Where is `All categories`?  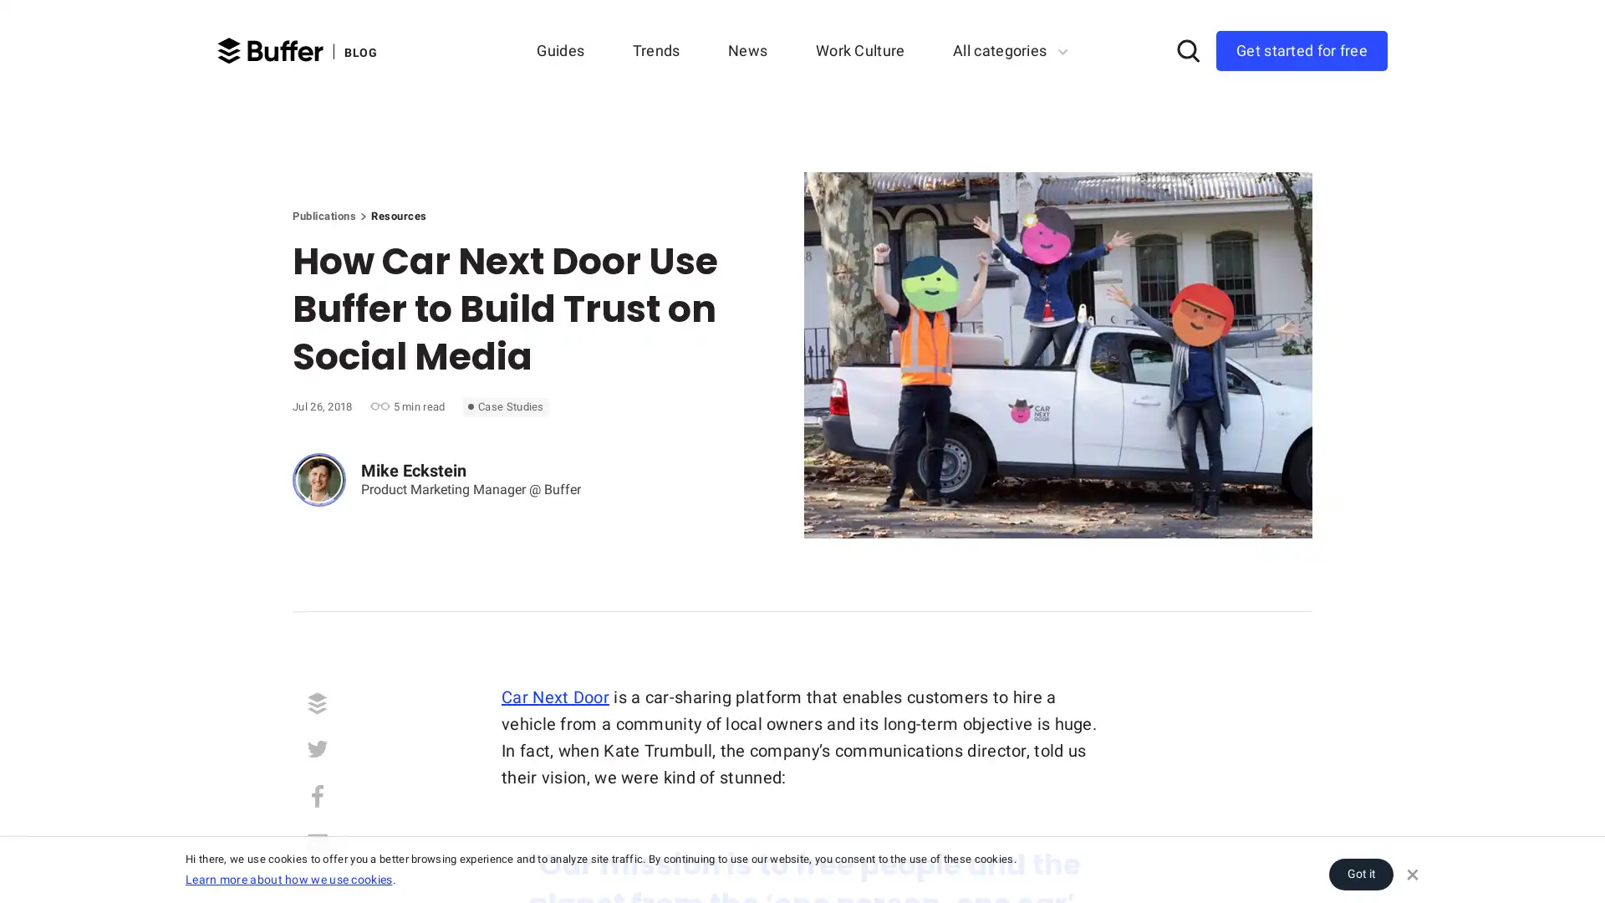 All categories is located at coordinates (1009, 50).